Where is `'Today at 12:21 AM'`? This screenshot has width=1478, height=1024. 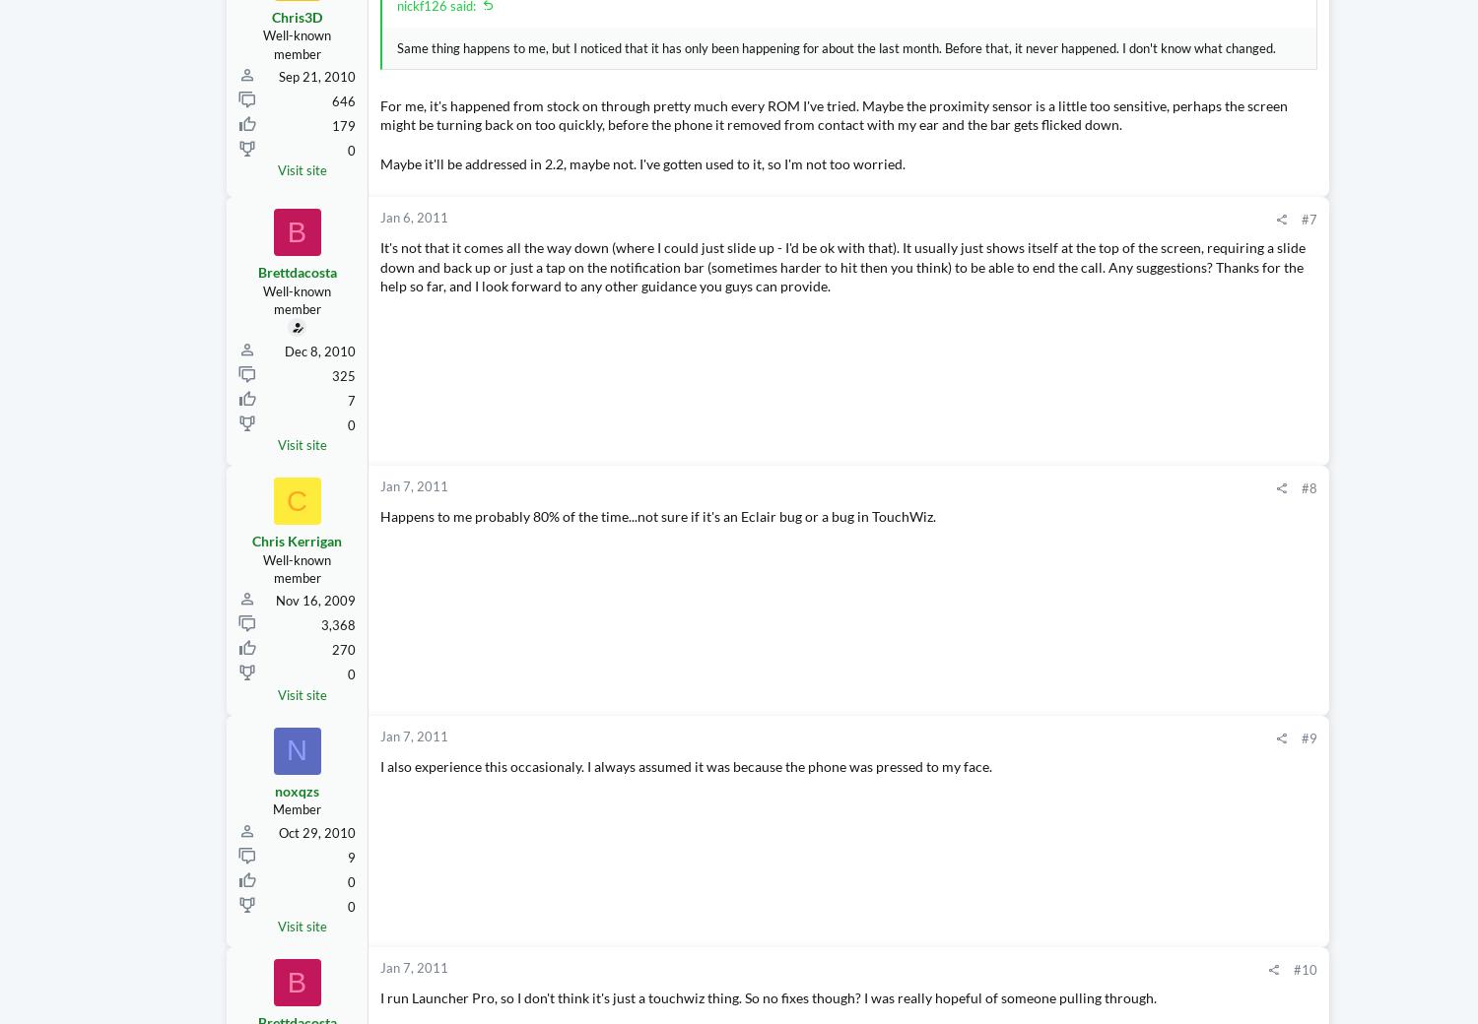 'Today at 12:21 AM' is located at coordinates (1378, 23).